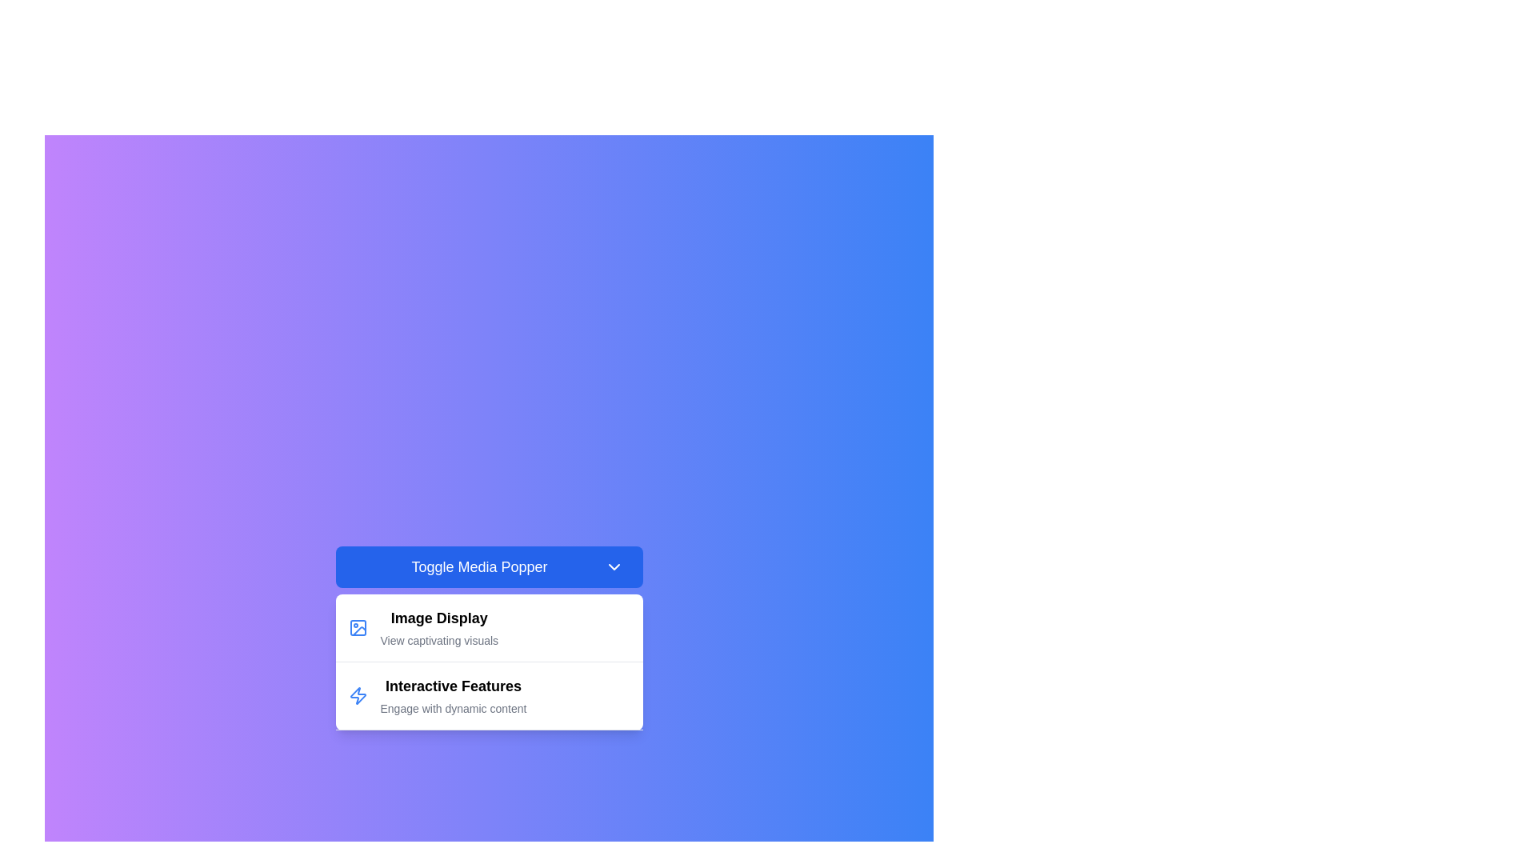 This screenshot has height=864, width=1536. What do you see at coordinates (452, 708) in the screenshot?
I see `the text label displaying 'Engage with dynamic content' located below the title 'Interactive Features'` at bounding box center [452, 708].